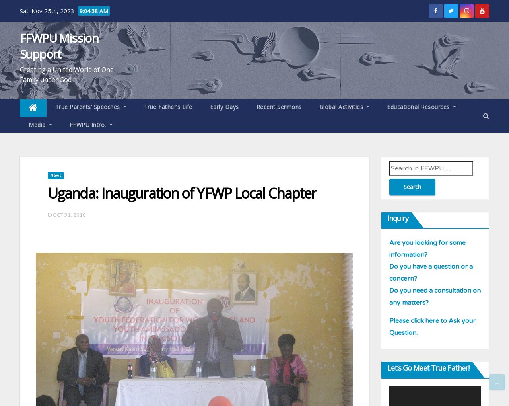  Describe the element at coordinates (427, 368) in the screenshot. I see `'Let’s go meet True Father!'` at that location.